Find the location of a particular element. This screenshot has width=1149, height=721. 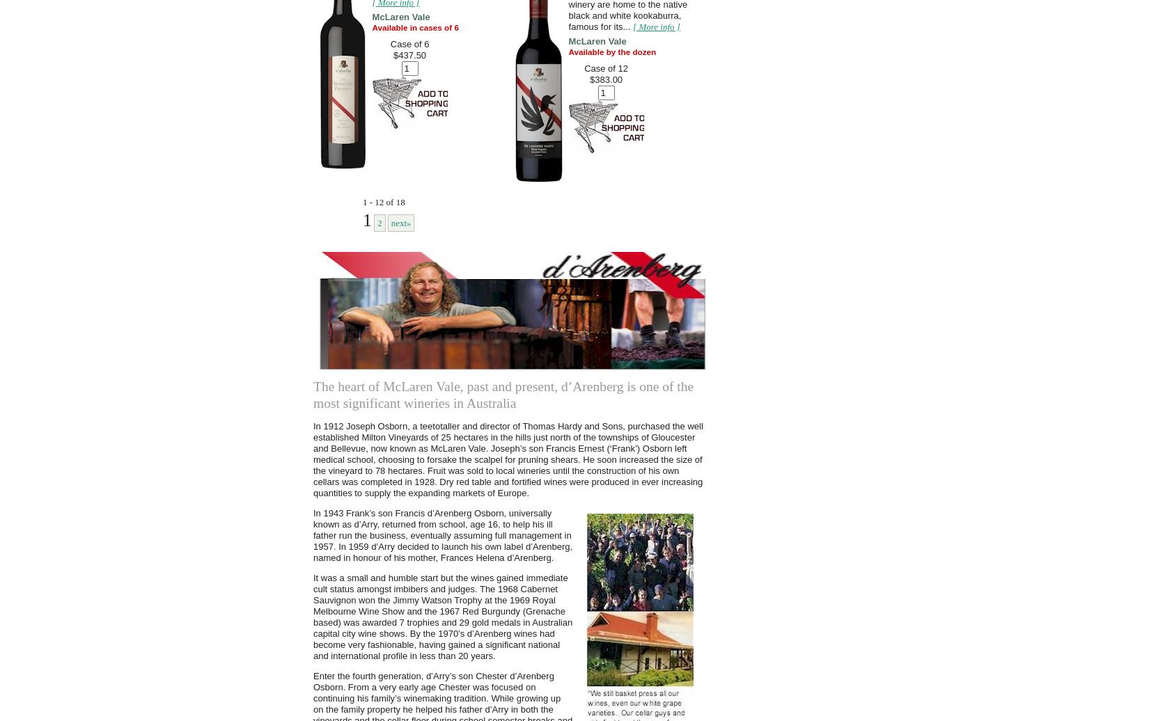

'Case of 12' is located at coordinates (606, 68).